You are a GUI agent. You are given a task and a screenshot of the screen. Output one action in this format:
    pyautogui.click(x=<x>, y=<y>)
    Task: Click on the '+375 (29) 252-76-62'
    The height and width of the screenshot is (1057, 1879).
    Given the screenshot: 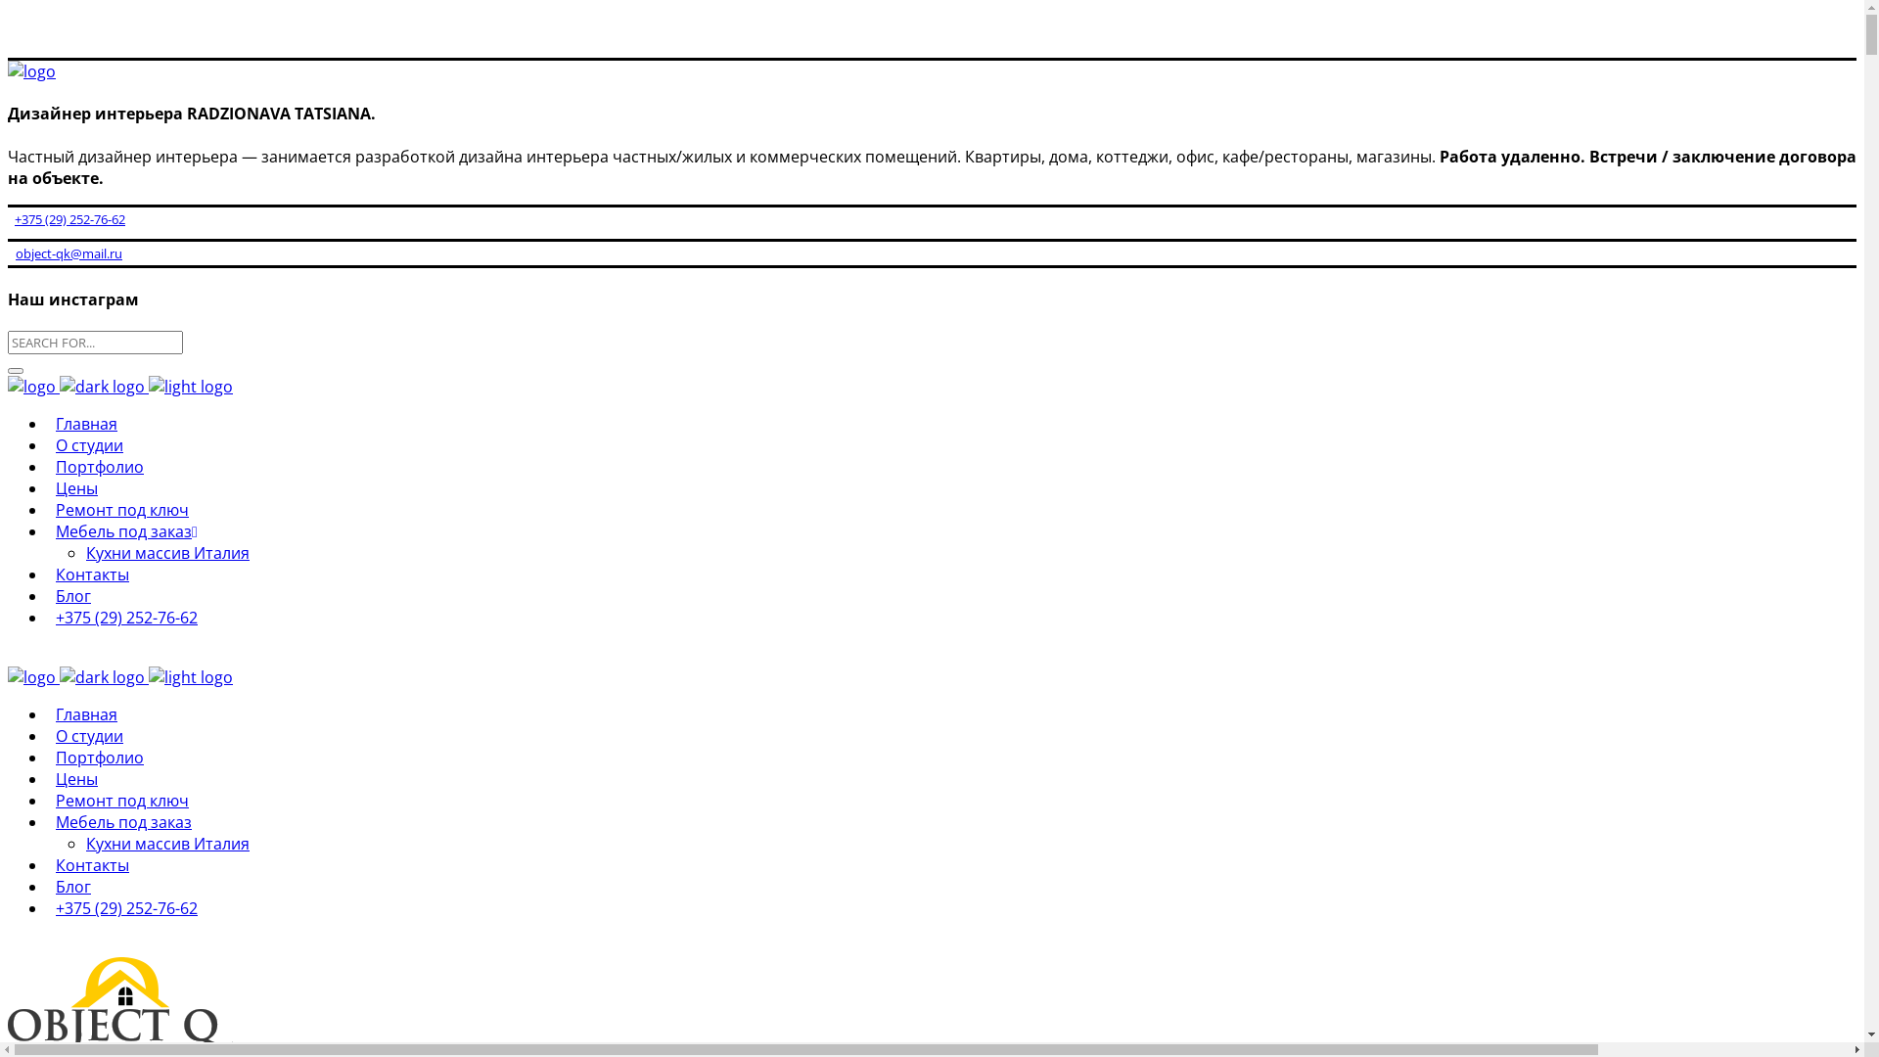 What is the action you would take?
    pyautogui.click(x=125, y=908)
    